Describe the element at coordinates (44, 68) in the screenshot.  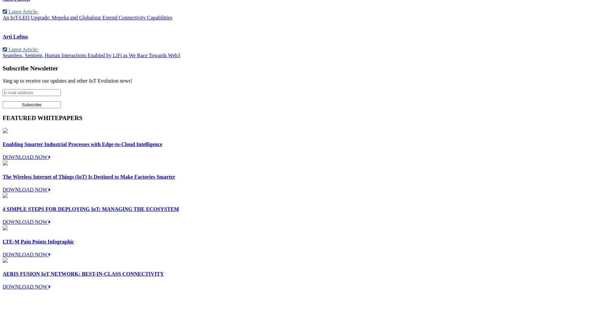
I see `'Newsletter'` at that location.